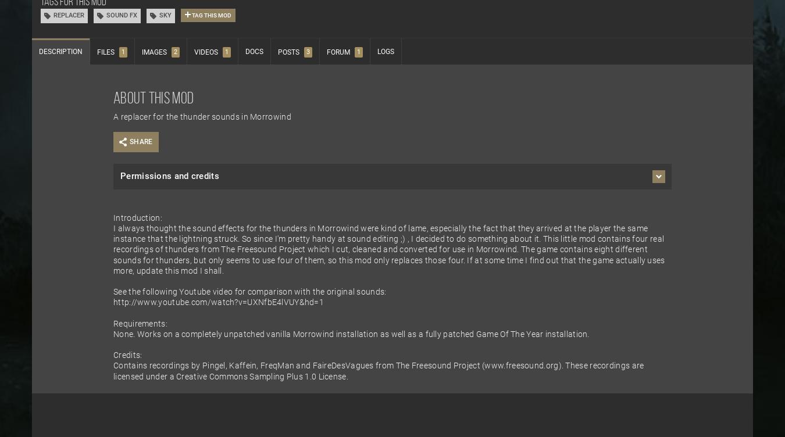 This screenshot has width=785, height=437. Describe the element at coordinates (206, 52) in the screenshot. I see `'Videos'` at that location.